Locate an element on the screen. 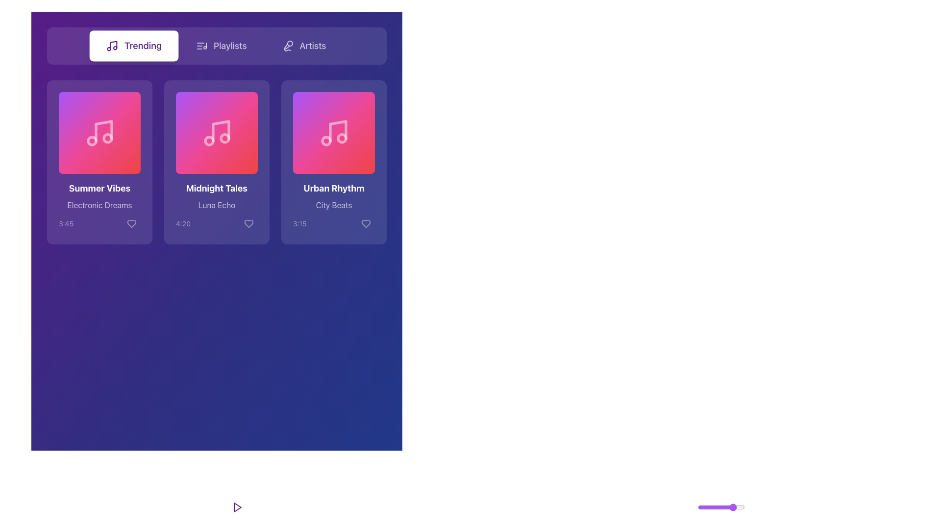 This screenshot has width=941, height=529. the musical note icon with a thin outline, styled in white with light opacity, located in the second card from the left in the 'Trending' section is located at coordinates (216, 133).